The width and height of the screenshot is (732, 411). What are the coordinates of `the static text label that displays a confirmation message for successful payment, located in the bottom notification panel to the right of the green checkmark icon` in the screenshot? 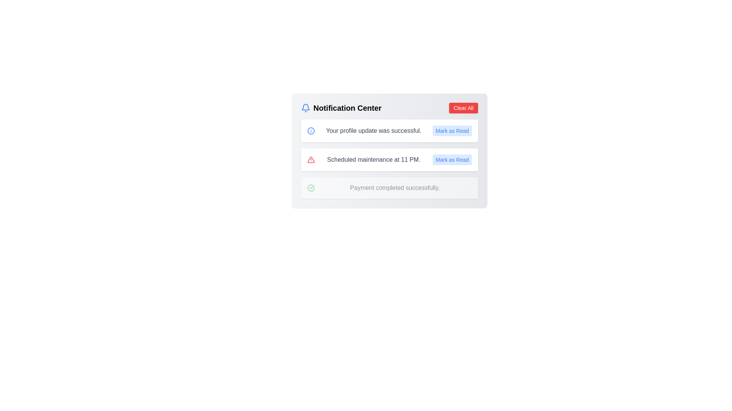 It's located at (395, 188).